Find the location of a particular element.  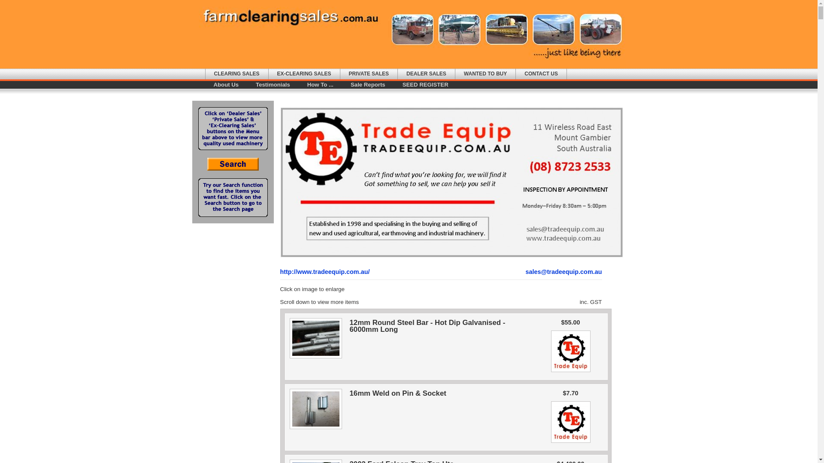

'http://www.tradeequip.com.au/' is located at coordinates (324, 271).